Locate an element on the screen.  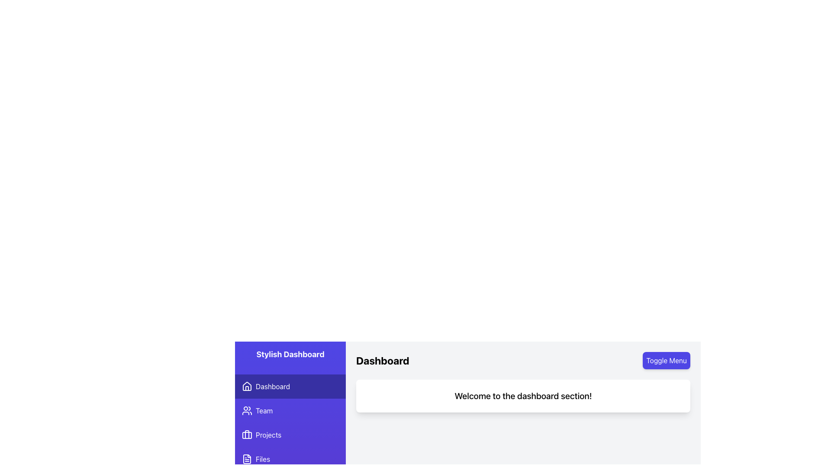
the 'Stylish Dashboard' text label, which is a bold white label on a purple background located at the top of the vertical side navigation panel is located at coordinates (290, 355).